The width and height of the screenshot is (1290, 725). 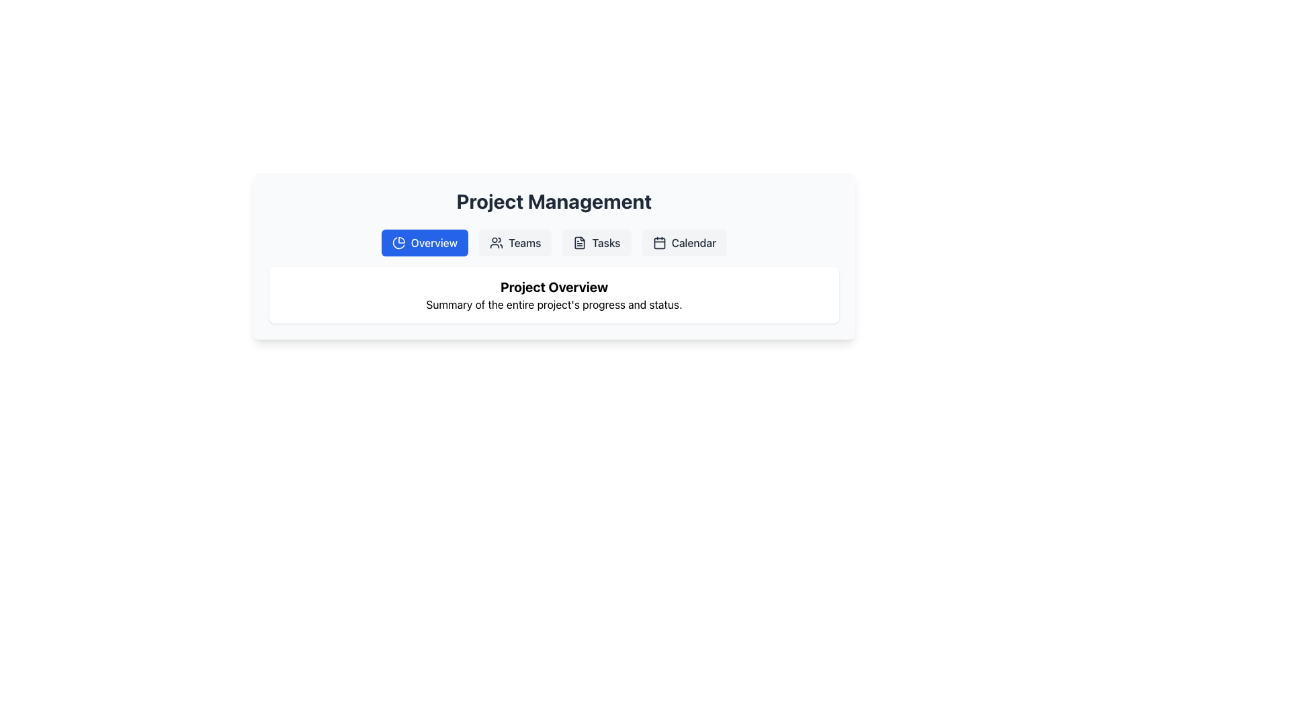 What do you see at coordinates (659, 243) in the screenshot?
I see `the calendar icon located in the navigation menu under the 'Project Management' header` at bounding box center [659, 243].